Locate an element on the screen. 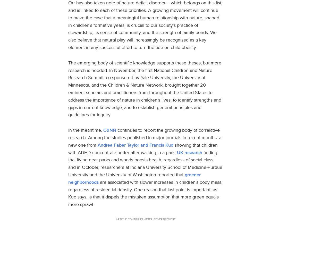  'finding that living near parks and woods boosts health, regardless of social class; and in October, researchers at Indiana University School of Medicine-Purdue University and the University of Washington reported that' is located at coordinates (145, 163).